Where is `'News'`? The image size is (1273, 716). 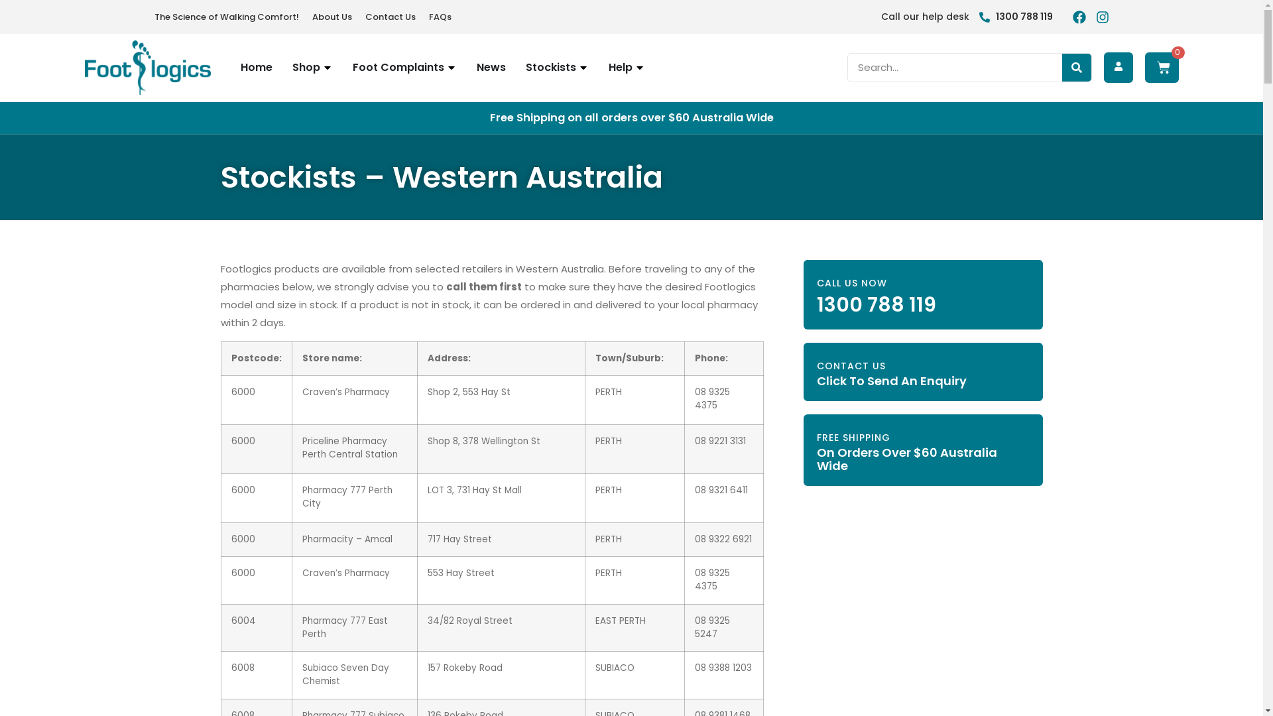
'News' is located at coordinates (489, 67).